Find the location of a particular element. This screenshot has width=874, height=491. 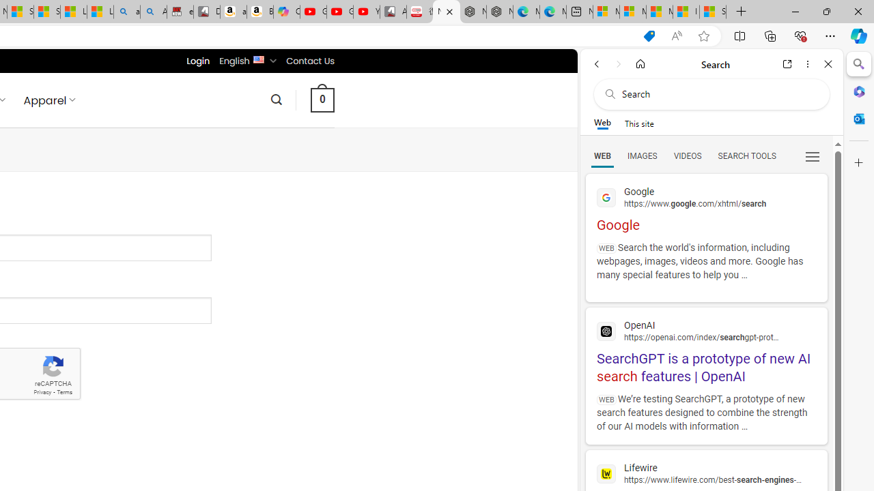

'Forward' is located at coordinates (618, 63).